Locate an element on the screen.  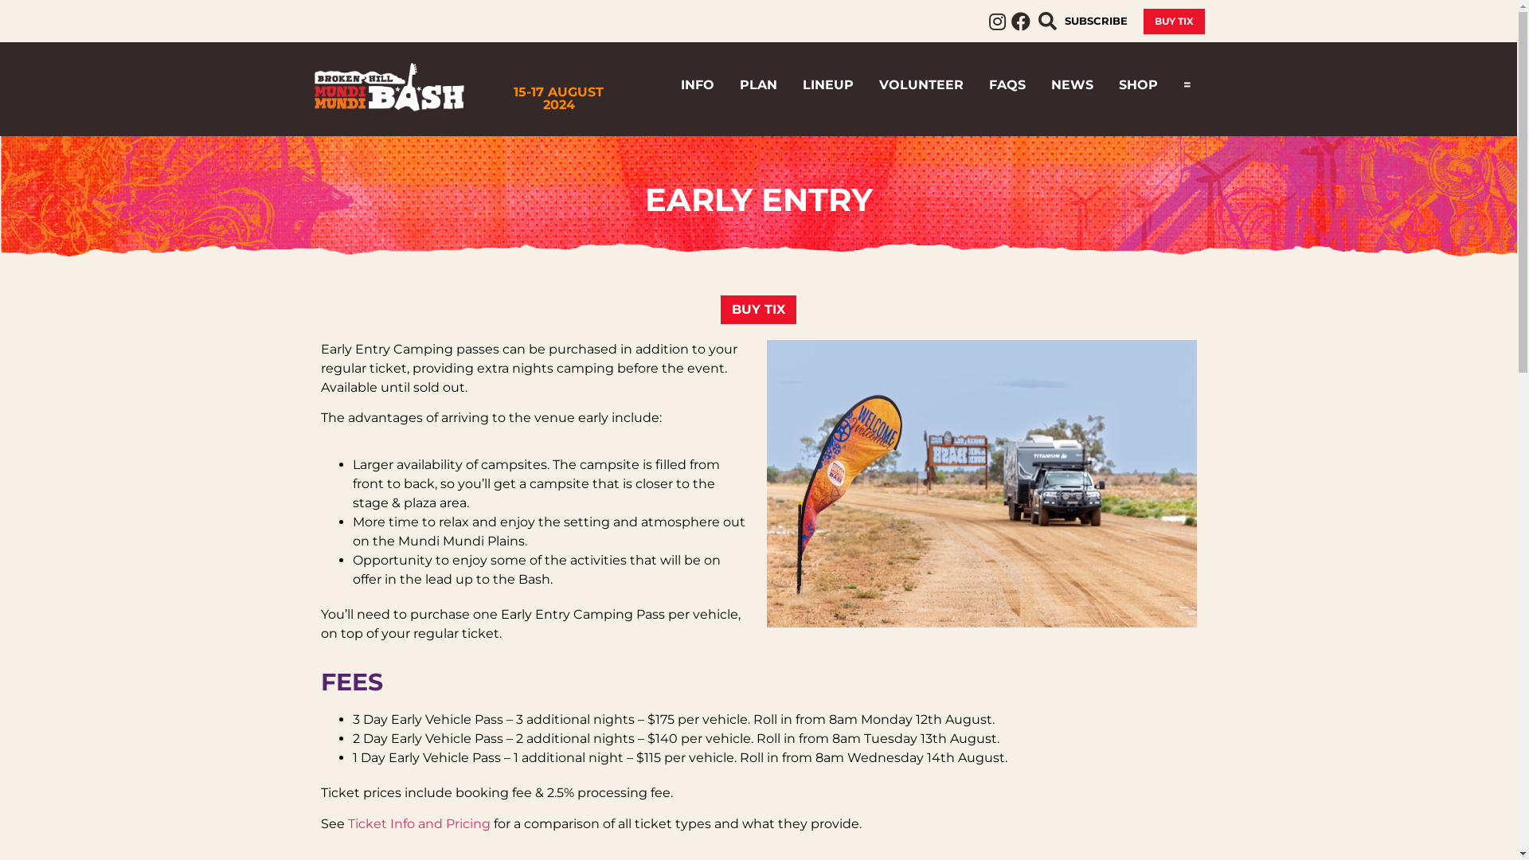
'SHOP' is located at coordinates (1137, 85).